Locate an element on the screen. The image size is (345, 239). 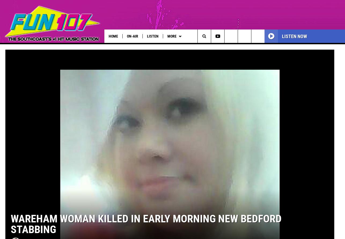
'Wet Nose Wednesday' is located at coordinates (208, 47).